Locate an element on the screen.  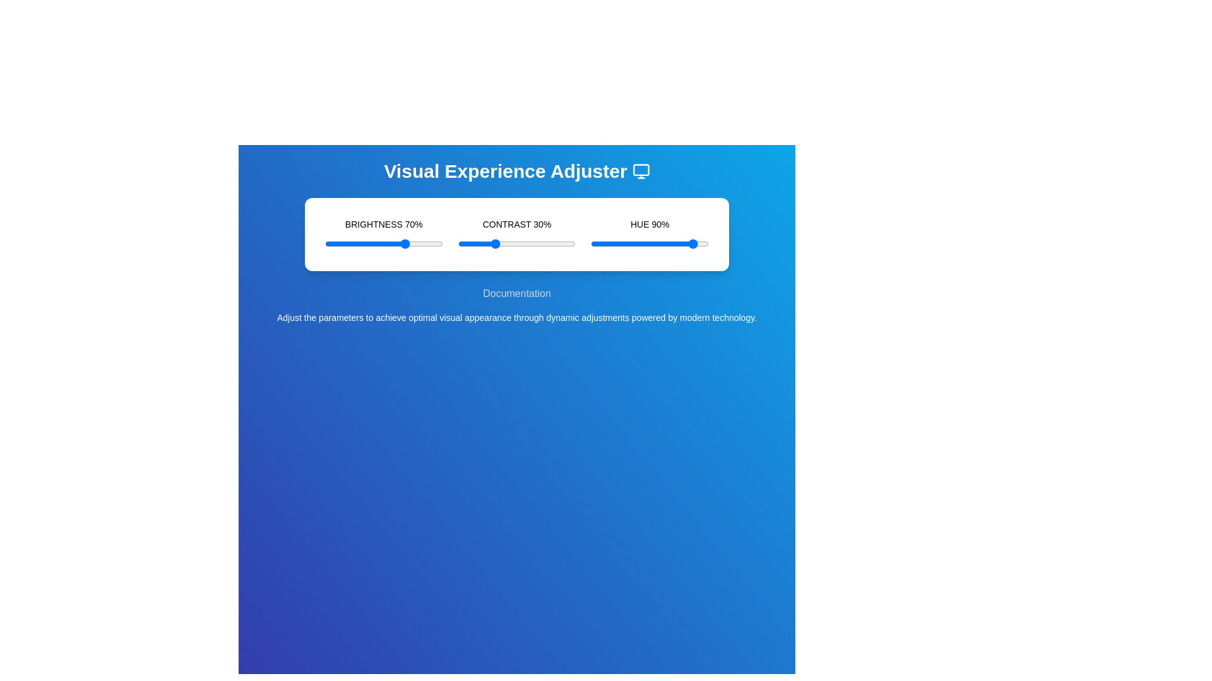
the brightness slider to set the brightness level to 84% is located at coordinates (424, 243).